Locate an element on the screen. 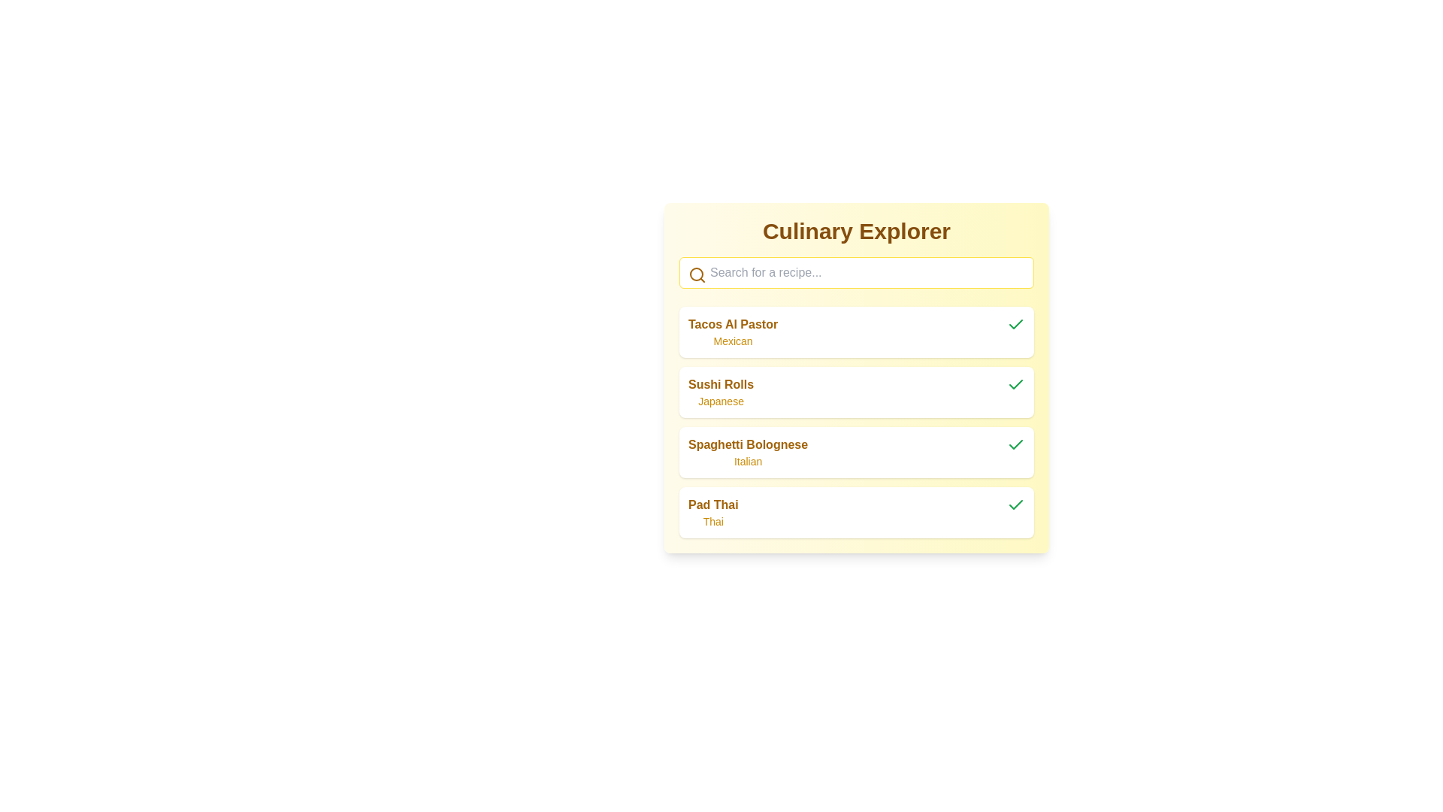 The image size is (1443, 812). the text label displaying 'Japanese', which is styled with a yellowish font color and located directly beneath the text 'Sushi Rolls' is located at coordinates (720, 400).